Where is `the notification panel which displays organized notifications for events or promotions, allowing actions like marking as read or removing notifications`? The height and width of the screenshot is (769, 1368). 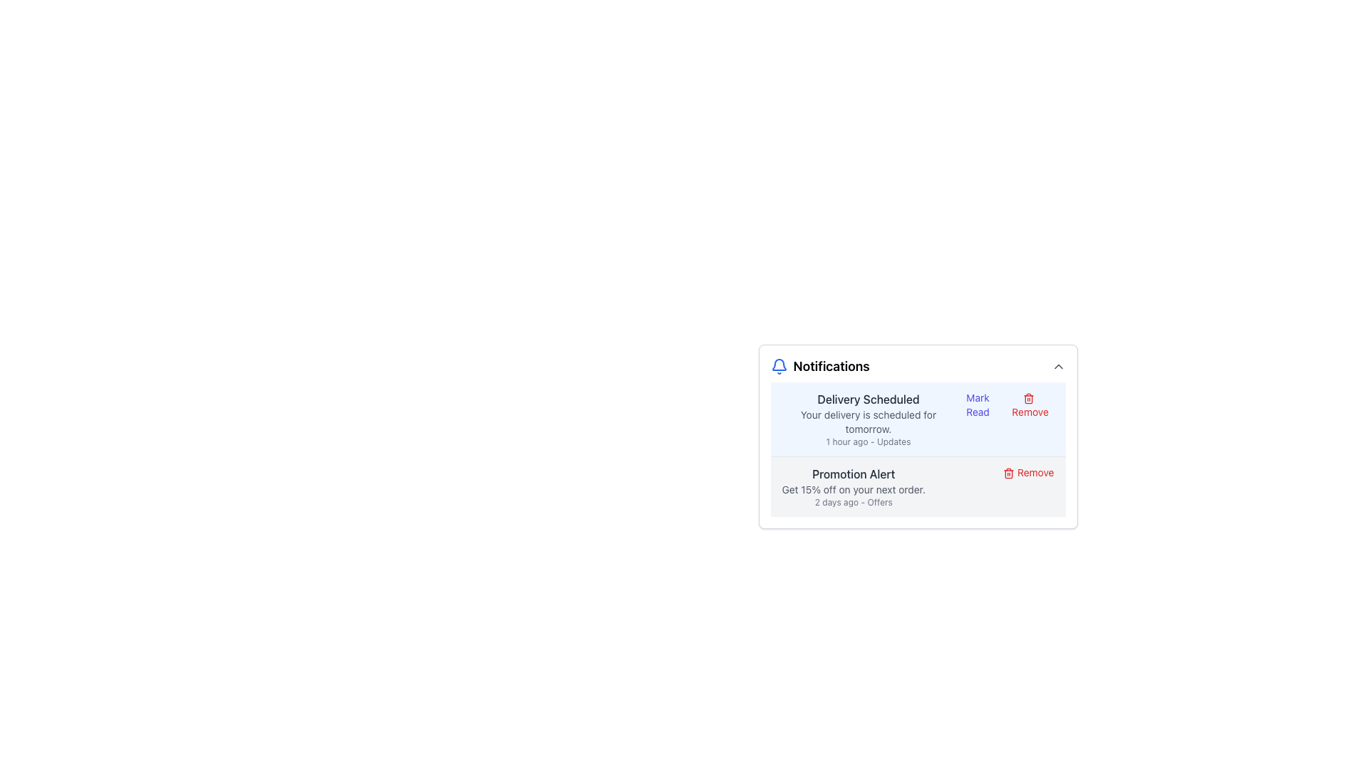
the notification panel which displays organized notifications for events or promotions, allowing actions like marking as read or removing notifications is located at coordinates (918, 434).